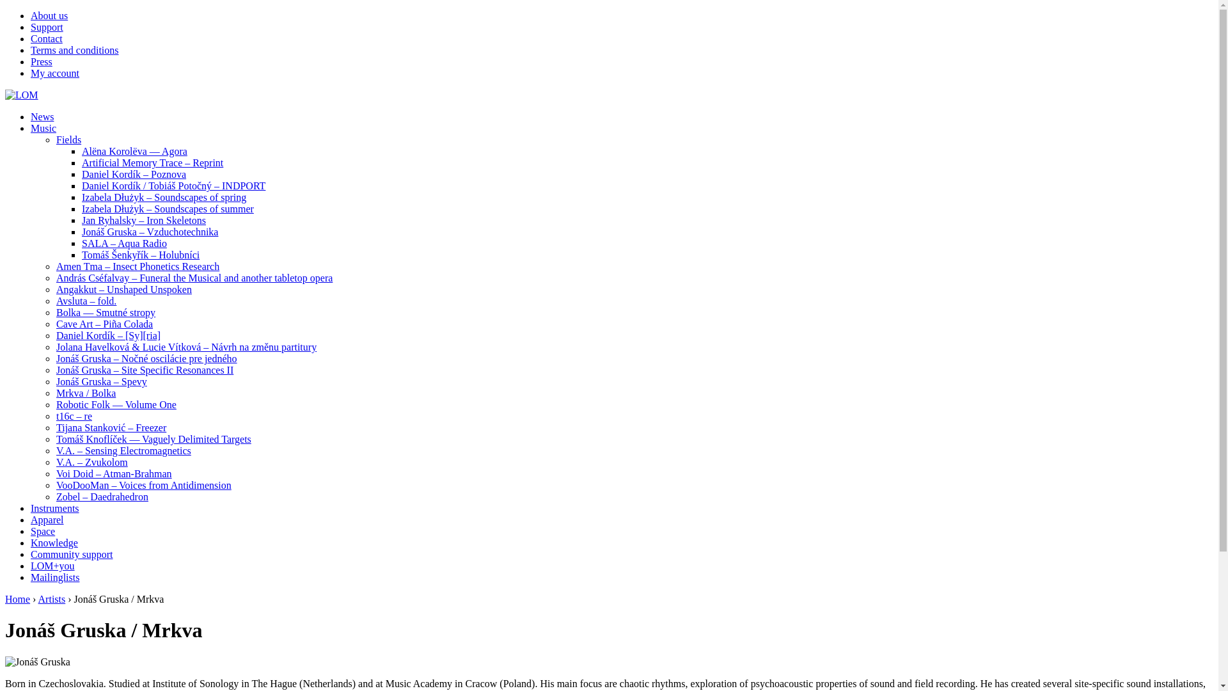 The height and width of the screenshot is (691, 1228). Describe the element at coordinates (42, 61) in the screenshot. I see `'Press'` at that location.